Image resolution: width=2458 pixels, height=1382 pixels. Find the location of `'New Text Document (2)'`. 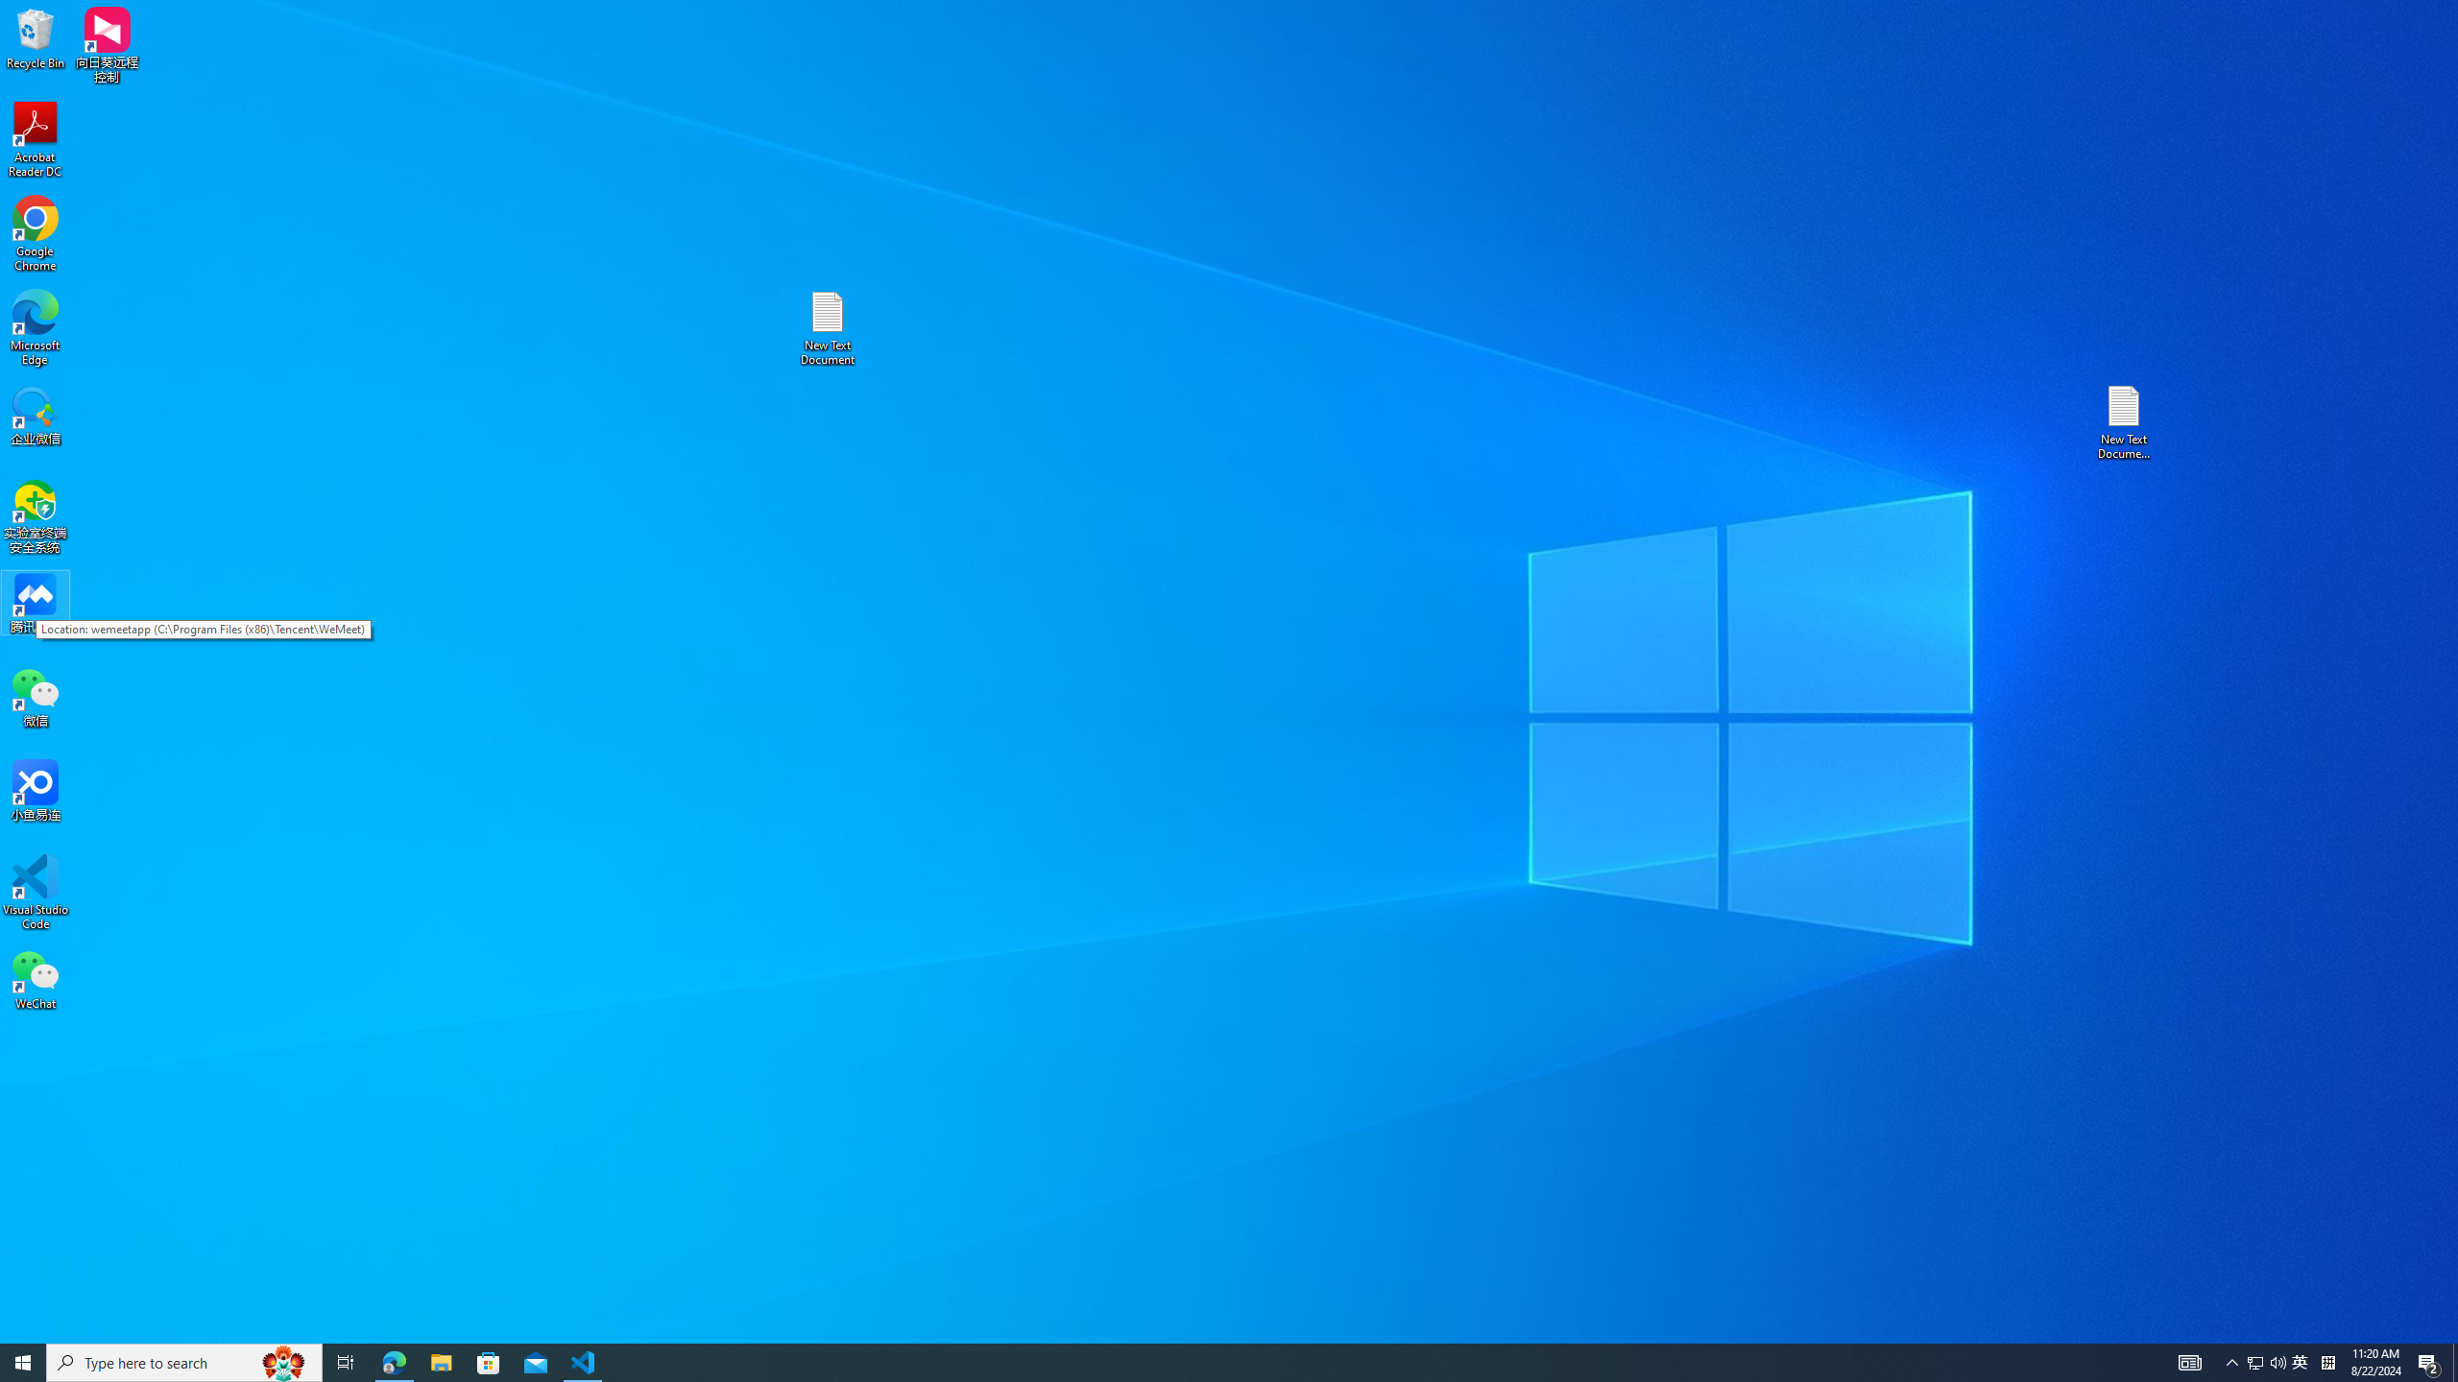

'New Text Document (2)' is located at coordinates (2125, 420).